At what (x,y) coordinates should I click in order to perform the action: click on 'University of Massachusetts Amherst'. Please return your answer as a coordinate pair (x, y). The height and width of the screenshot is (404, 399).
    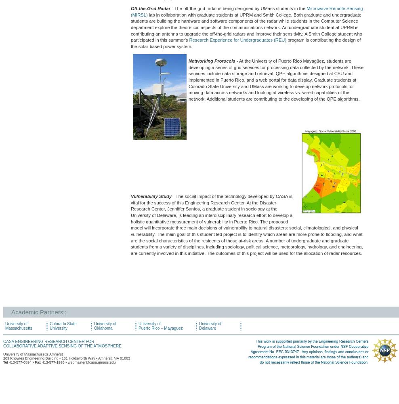
    Looking at the image, I should click on (3, 354).